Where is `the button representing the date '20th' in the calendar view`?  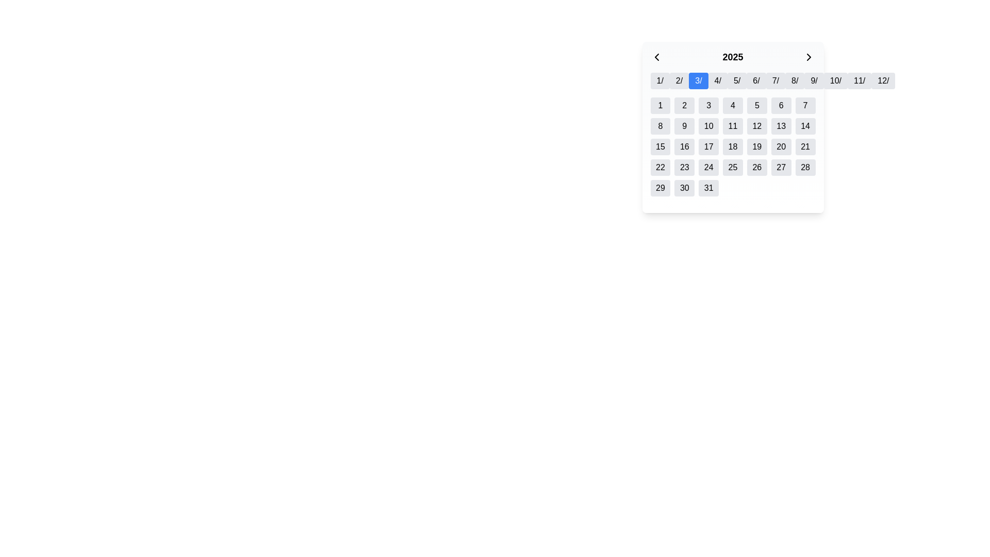 the button representing the date '20th' in the calendar view is located at coordinates (781, 147).